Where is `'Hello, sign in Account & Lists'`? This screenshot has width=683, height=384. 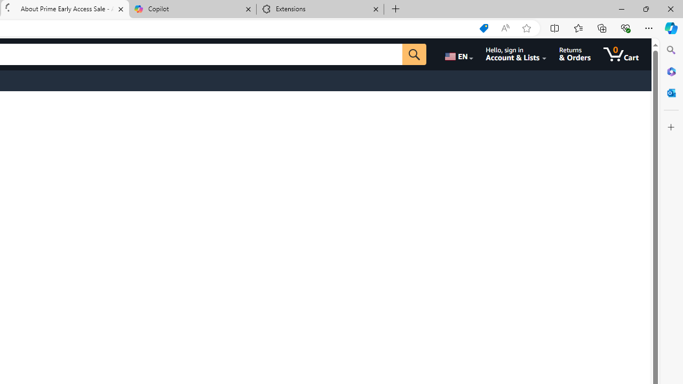 'Hello, sign in Account & Lists' is located at coordinates (525, 54).